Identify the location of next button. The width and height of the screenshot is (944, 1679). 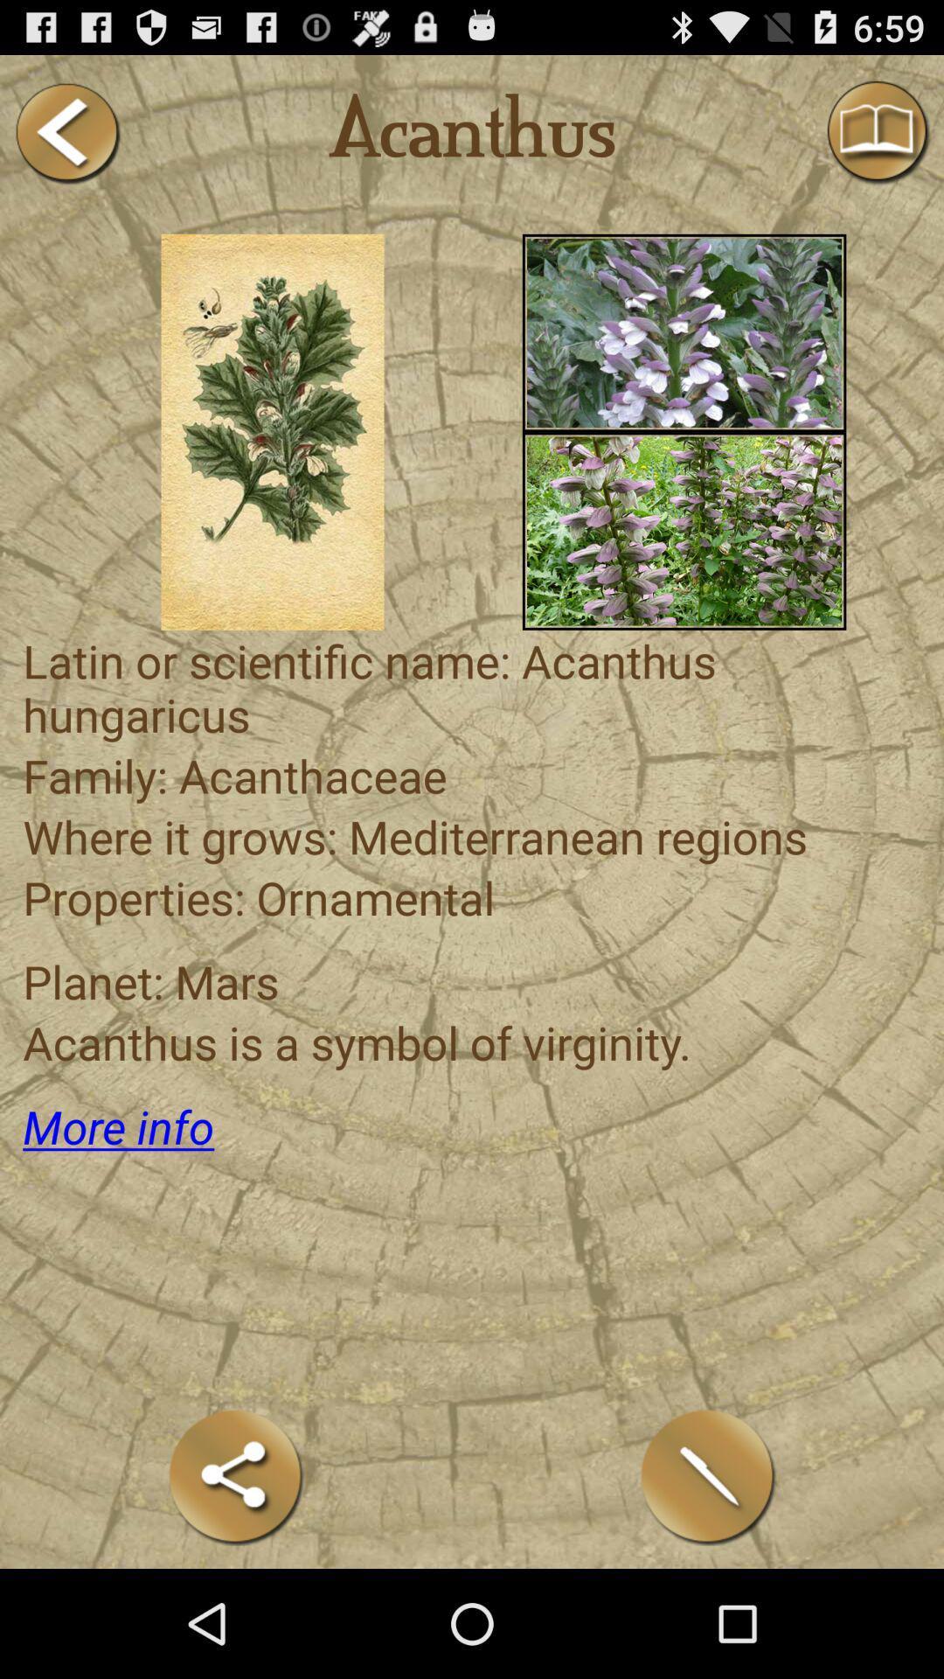
(66, 132).